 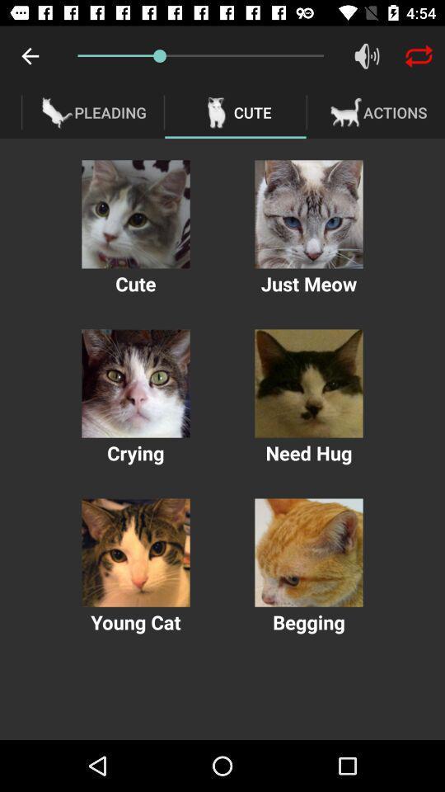 I want to click on additional cat info, so click(x=308, y=213).